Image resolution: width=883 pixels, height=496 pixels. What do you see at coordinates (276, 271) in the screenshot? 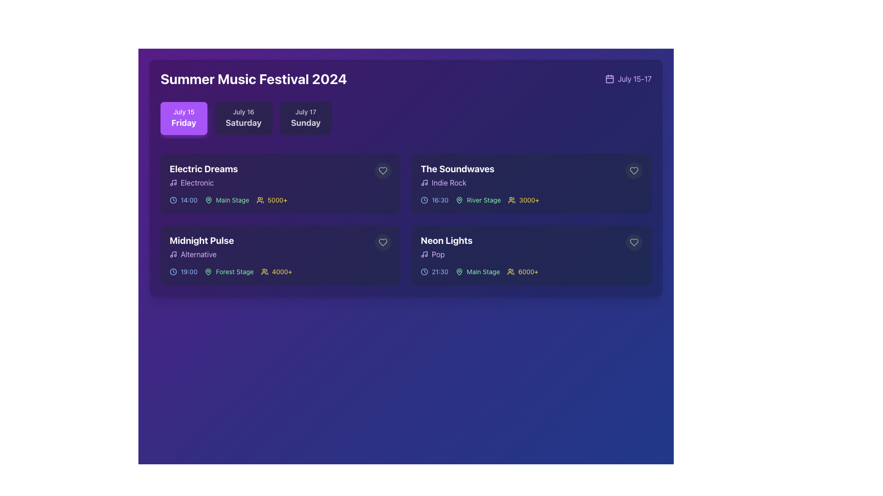
I see `the Text with icon component that represents the estimated audience size for the 'Midnight Pulse' performance, located to the right of the timing and stage location information` at bounding box center [276, 271].